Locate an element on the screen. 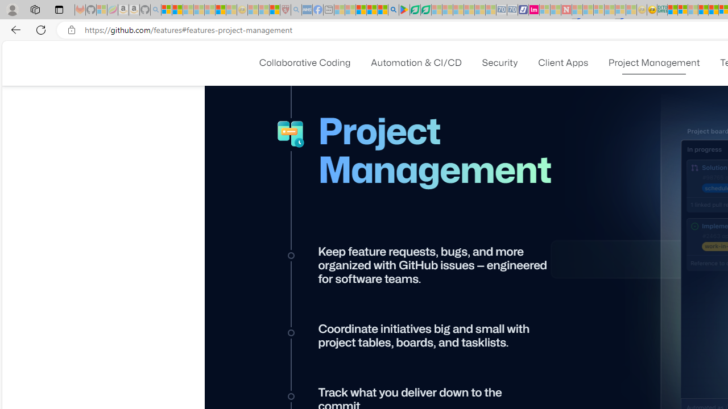  'Microsoft account | Privacy' is located at coordinates (682, 10).